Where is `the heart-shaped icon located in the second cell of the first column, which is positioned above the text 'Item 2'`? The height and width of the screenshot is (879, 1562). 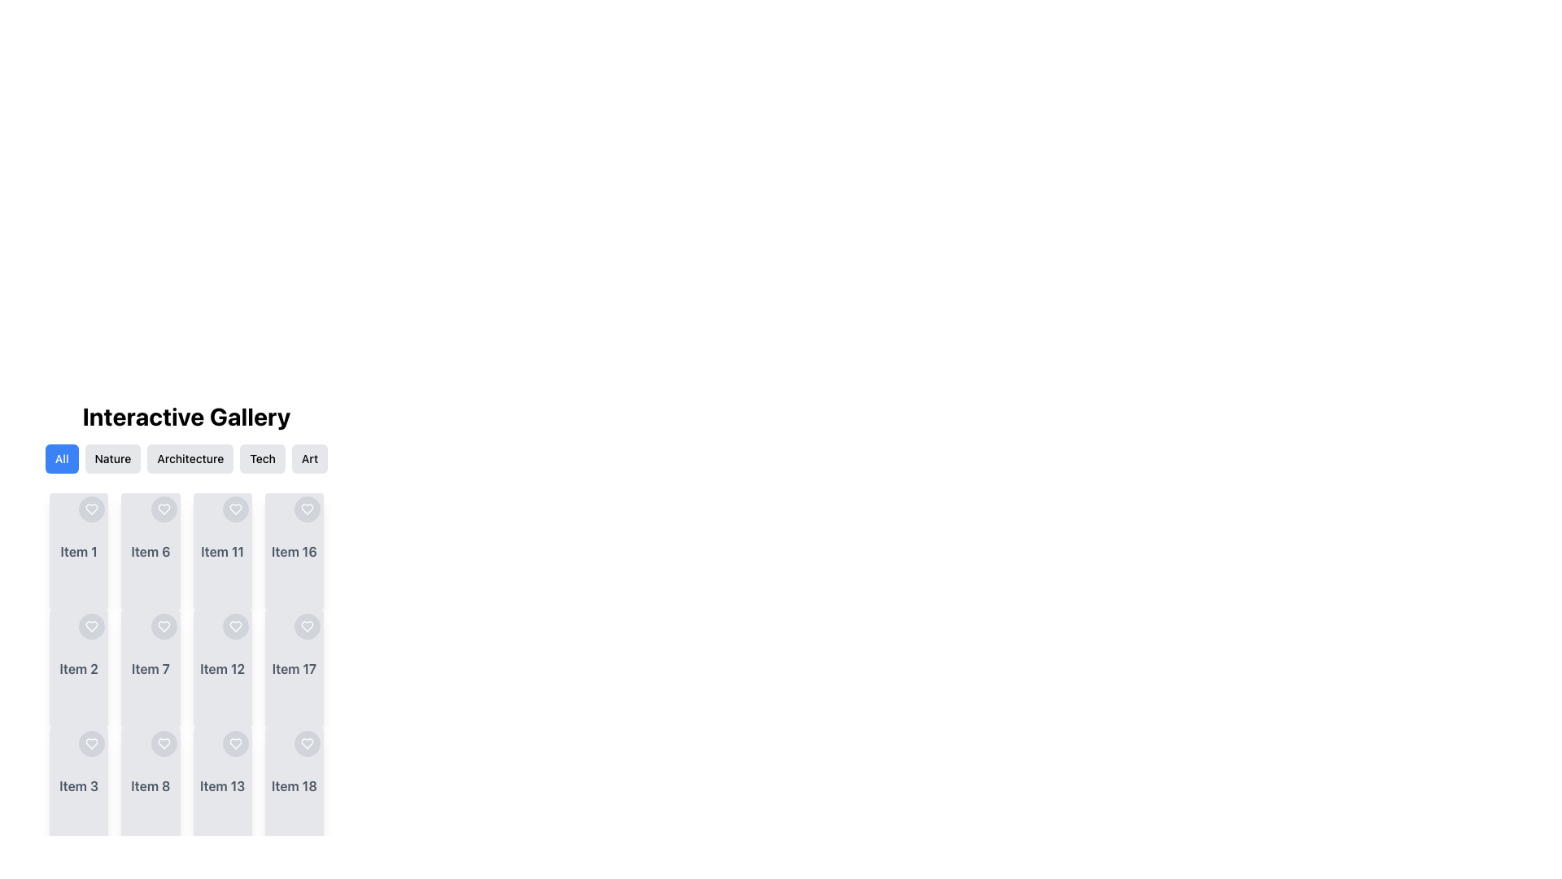 the heart-shaped icon located in the second cell of the first column, which is positioned above the text 'Item 2' is located at coordinates (91, 626).